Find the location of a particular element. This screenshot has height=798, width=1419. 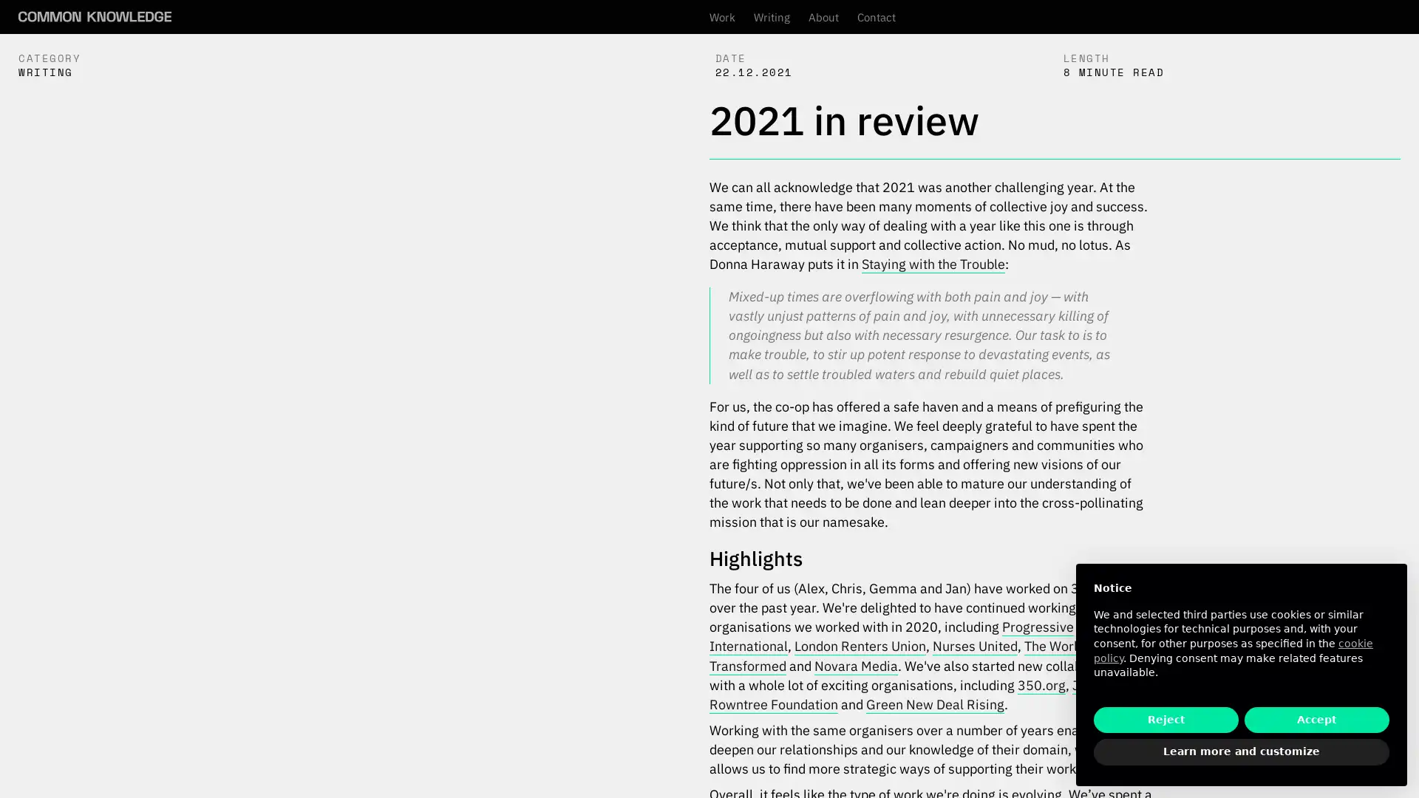

Learn more and customize is located at coordinates (1242, 752).